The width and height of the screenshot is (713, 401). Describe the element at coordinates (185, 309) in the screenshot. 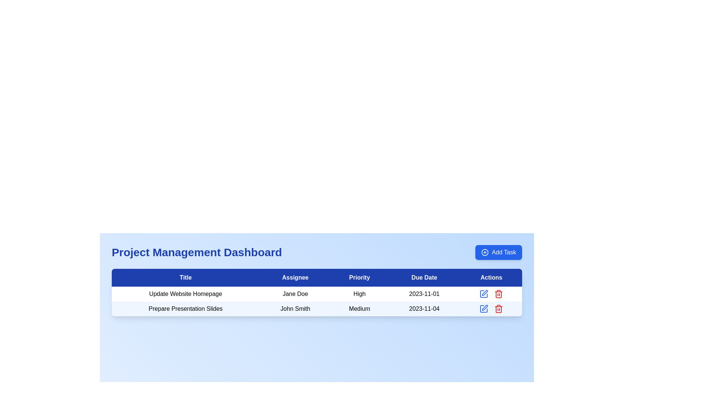

I see `the text label displaying 'Prepare Presentation Slides', which is located in the second row of a table under the 'Title' column` at that location.